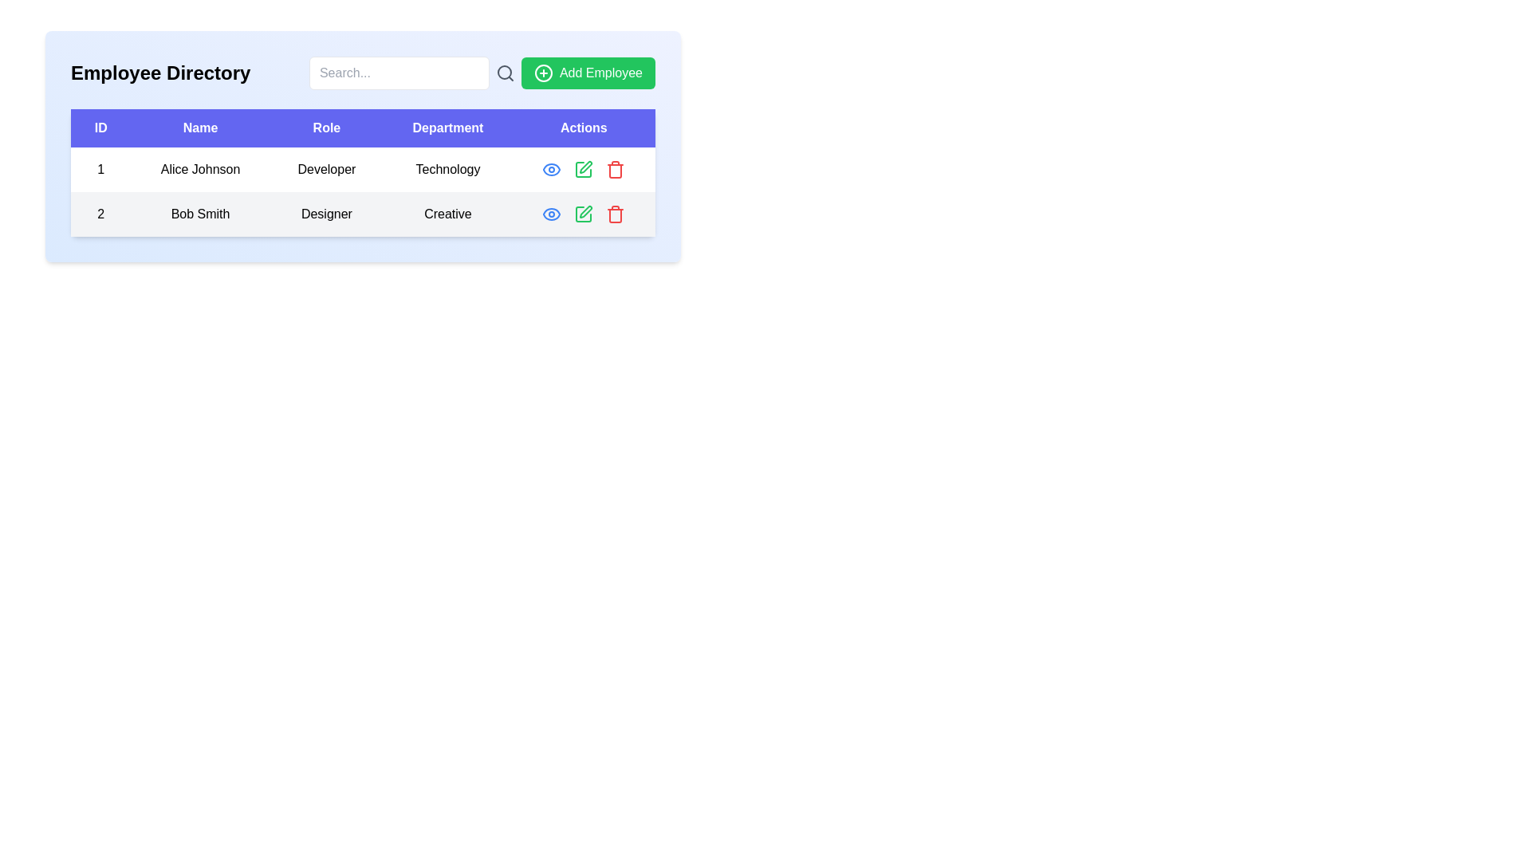 The height and width of the screenshot is (861, 1531). What do you see at coordinates (447, 128) in the screenshot?
I see `the 'Department' column header in the table, which is the fourth column between 'Role' and 'Actions'` at bounding box center [447, 128].